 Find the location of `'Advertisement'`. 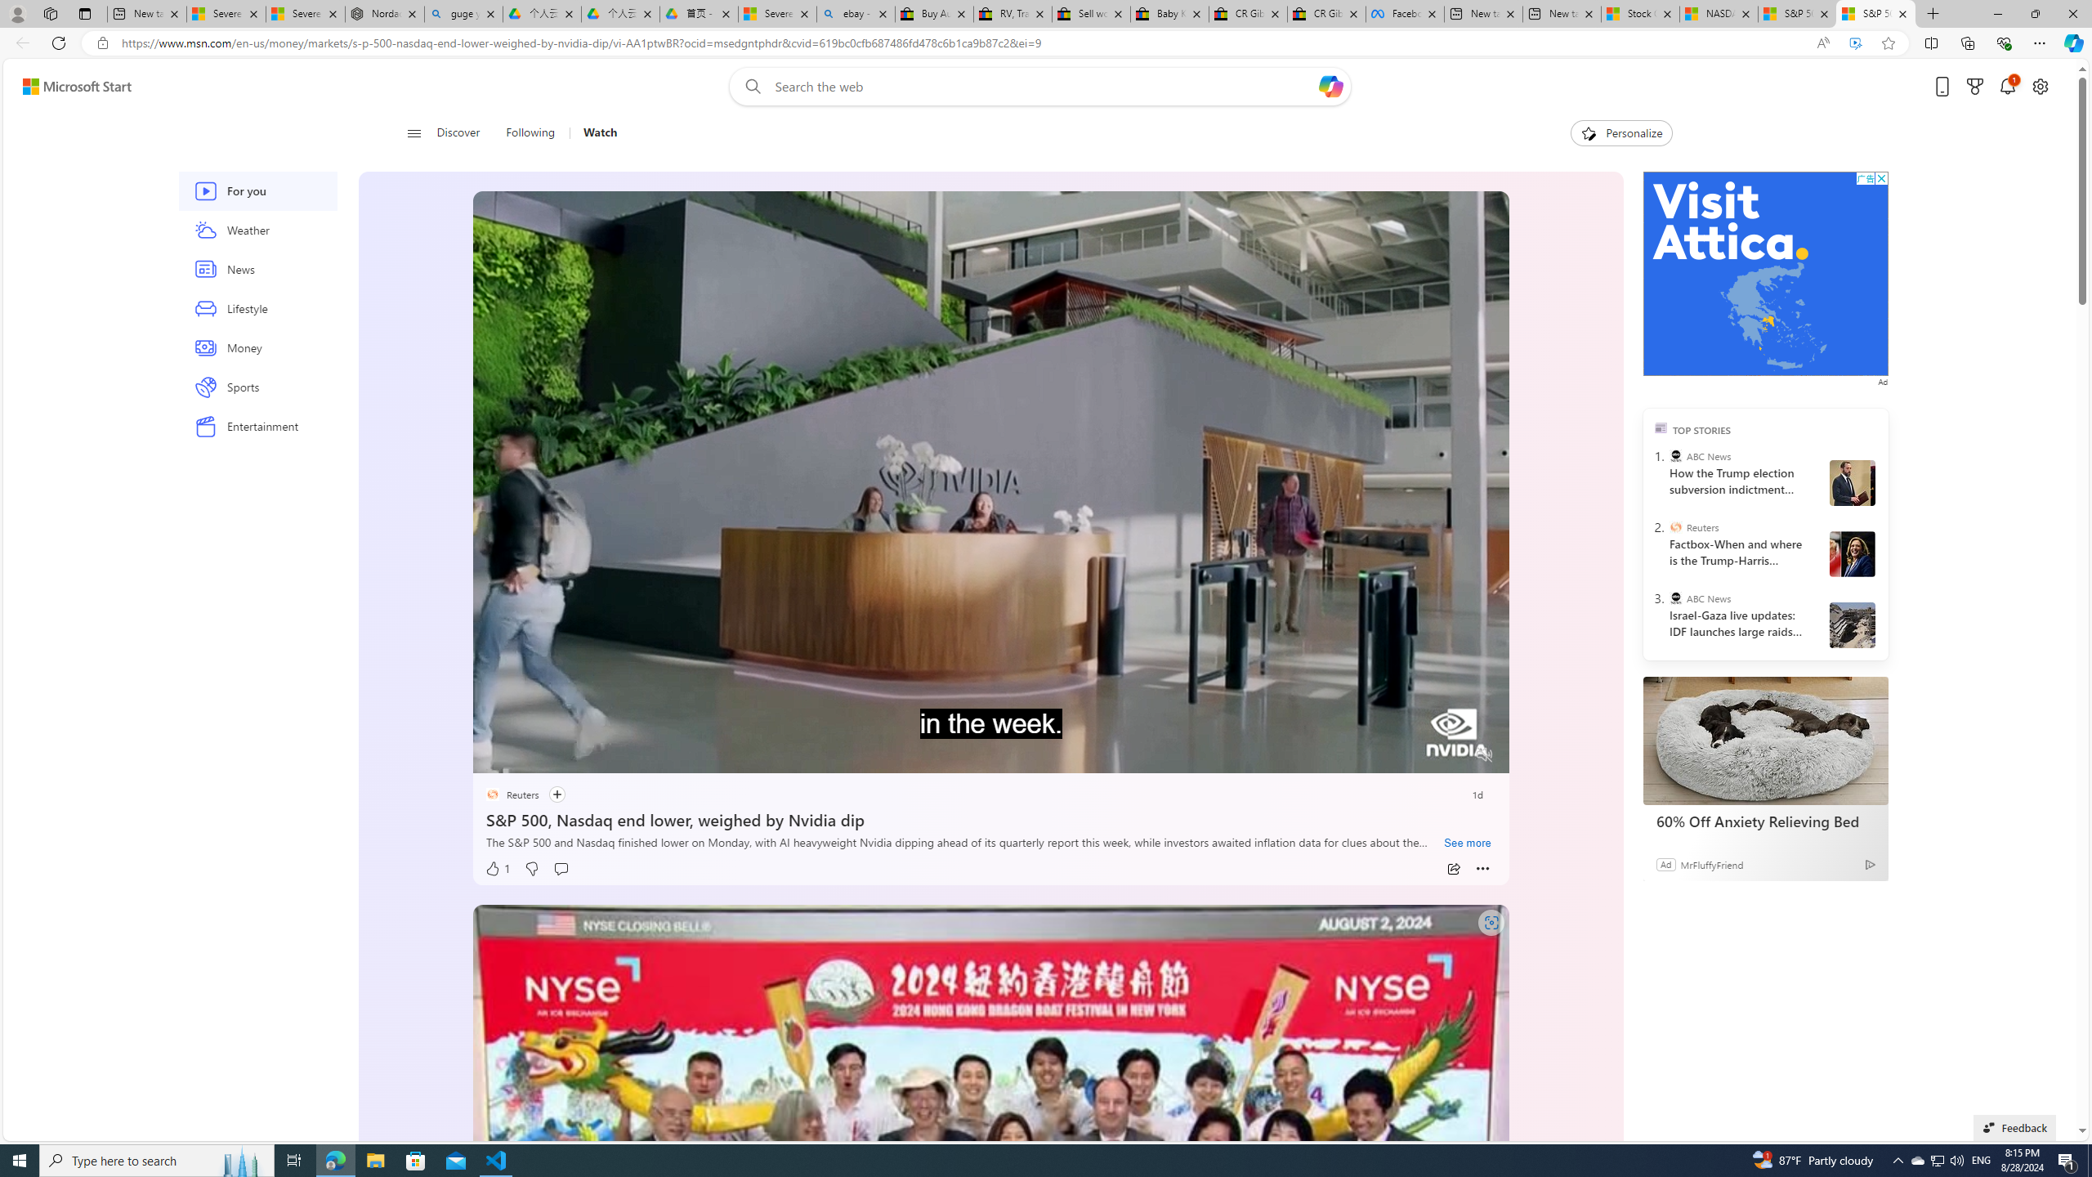

'Advertisement' is located at coordinates (1765, 272).